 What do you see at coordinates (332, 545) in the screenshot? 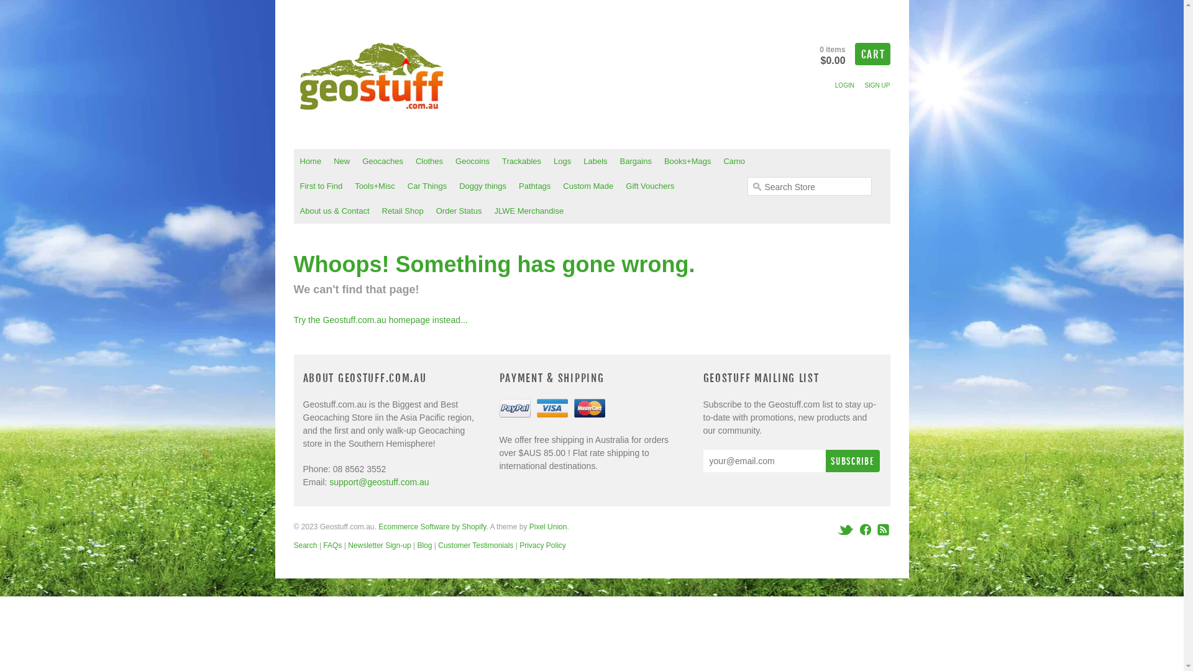
I see `'FAQs'` at bounding box center [332, 545].